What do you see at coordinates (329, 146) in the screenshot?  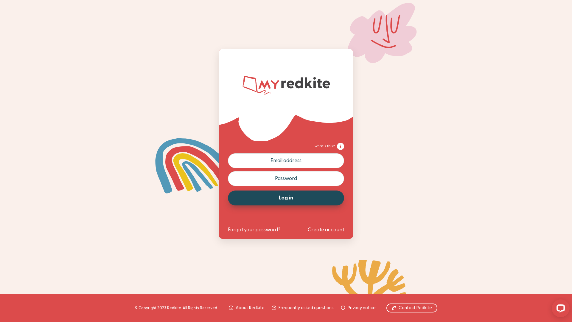 I see `'what's this?'` at bounding box center [329, 146].